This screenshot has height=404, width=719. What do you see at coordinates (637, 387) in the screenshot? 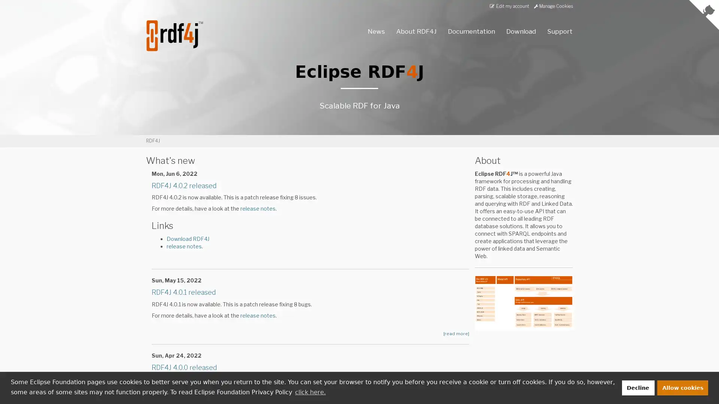
I see `deny cookies` at bounding box center [637, 387].